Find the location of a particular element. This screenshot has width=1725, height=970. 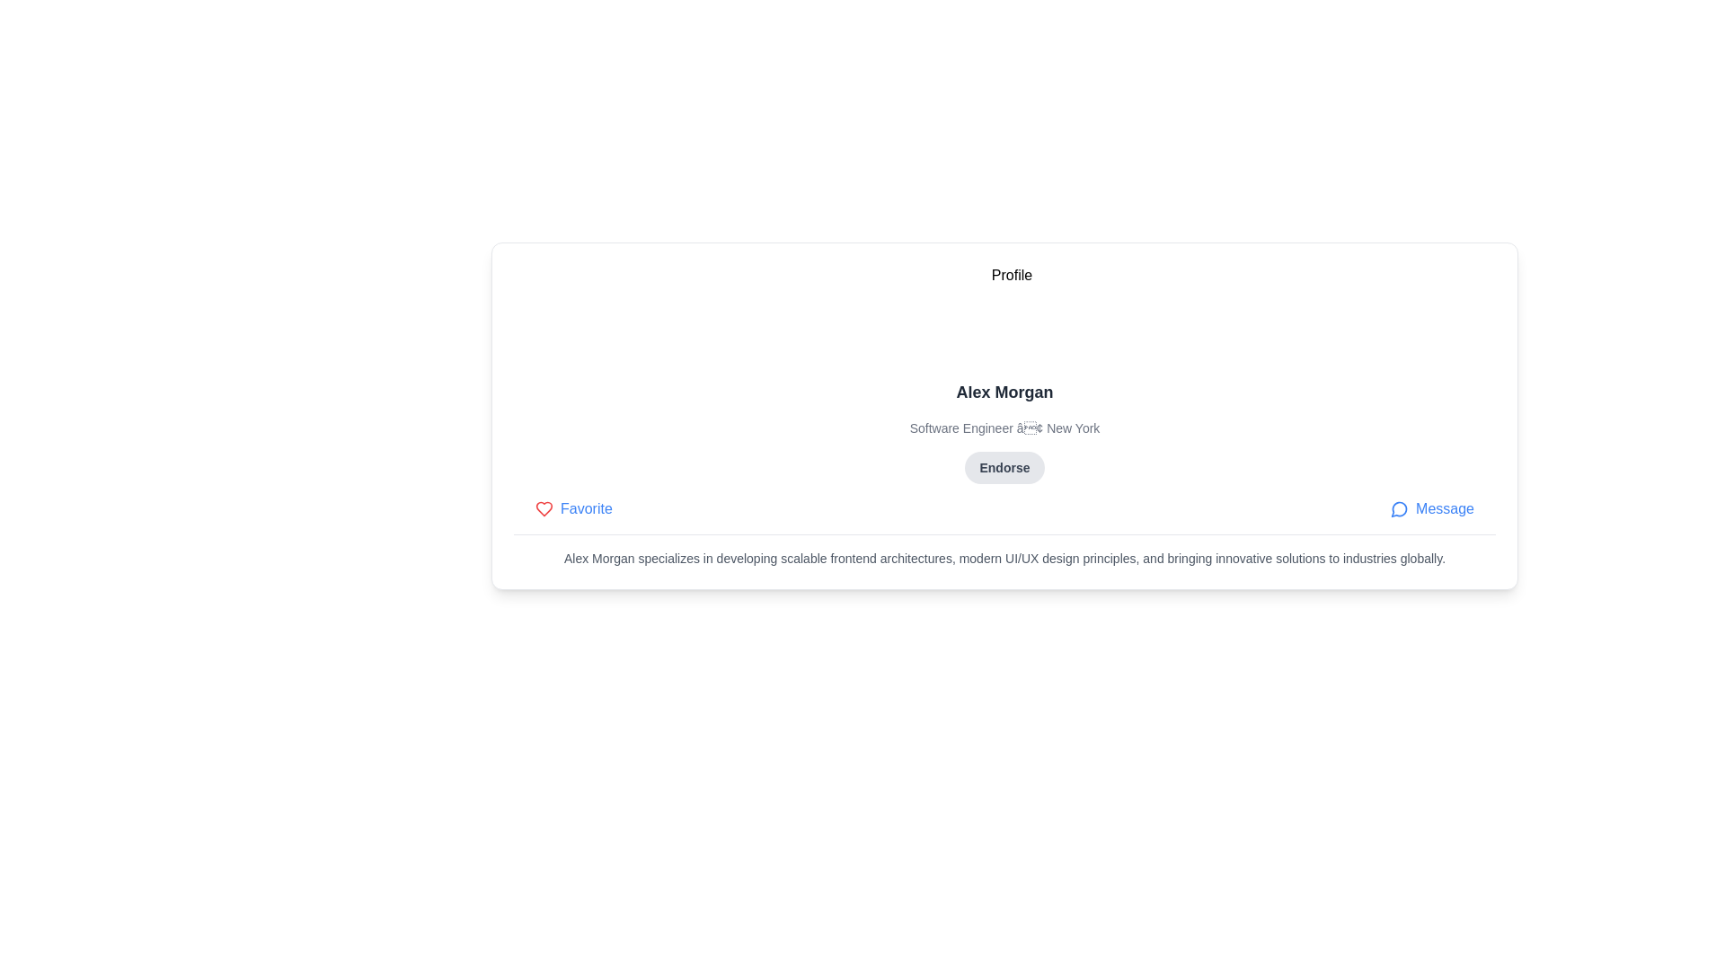

the favorite/like button located directly to the left of the 'Message' button in the bottom section of the profile interface for keyboard interaction is located at coordinates (572, 509).